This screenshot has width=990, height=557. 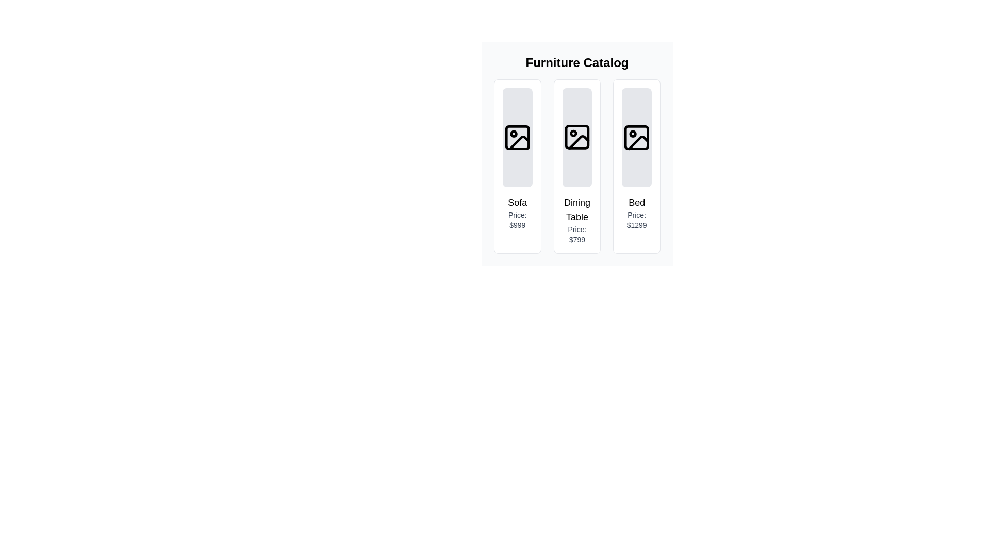 What do you see at coordinates (517, 203) in the screenshot?
I see `text label 'Sofa' that is centrally located above the price label in the leftmost item card of the furniture catalog` at bounding box center [517, 203].